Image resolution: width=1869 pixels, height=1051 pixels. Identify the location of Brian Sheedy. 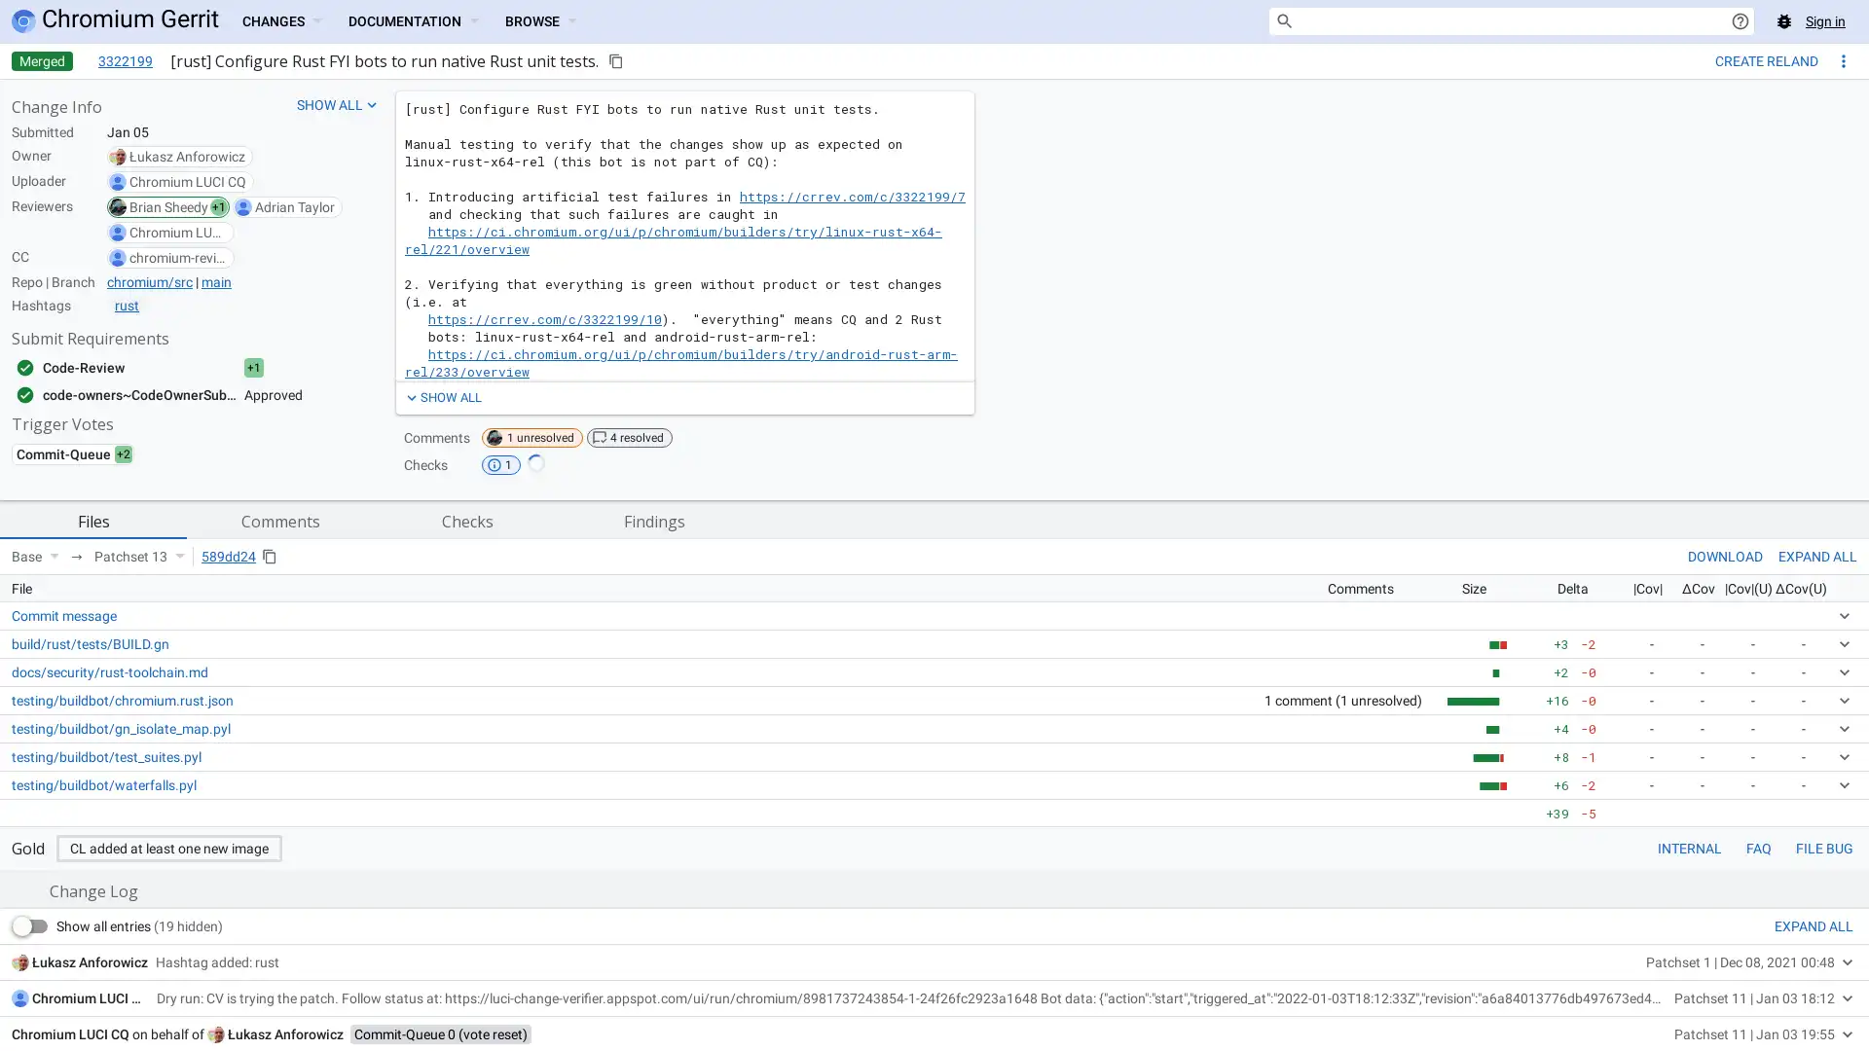
(168, 206).